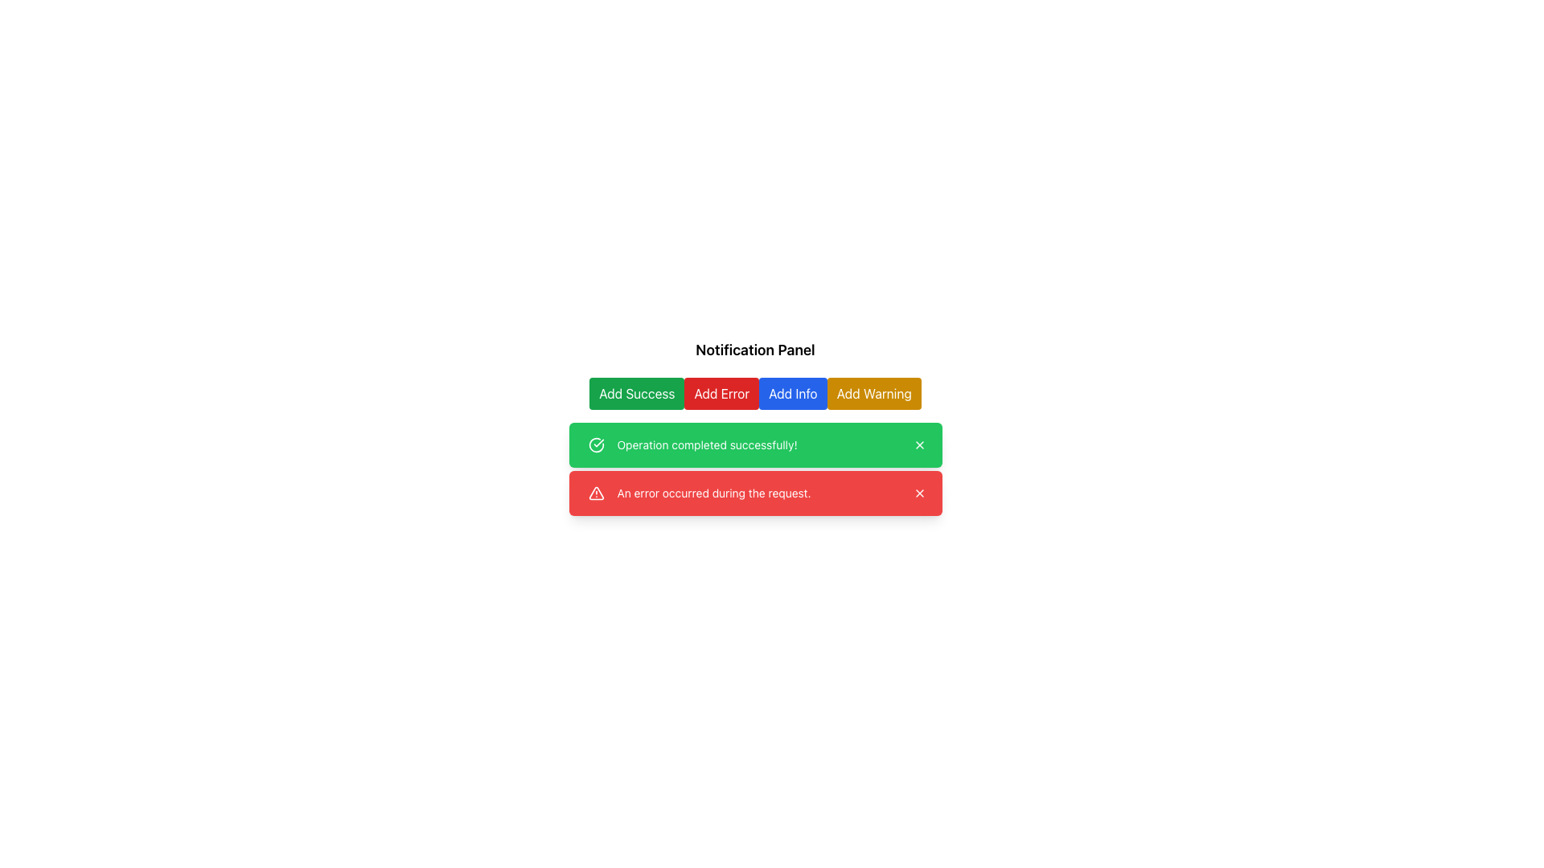 Image resolution: width=1544 pixels, height=868 pixels. What do you see at coordinates (721, 393) in the screenshot?
I see `the 'Add Error' button, which is a rectangular button with a red background and white text, located in the Notification Panel` at bounding box center [721, 393].